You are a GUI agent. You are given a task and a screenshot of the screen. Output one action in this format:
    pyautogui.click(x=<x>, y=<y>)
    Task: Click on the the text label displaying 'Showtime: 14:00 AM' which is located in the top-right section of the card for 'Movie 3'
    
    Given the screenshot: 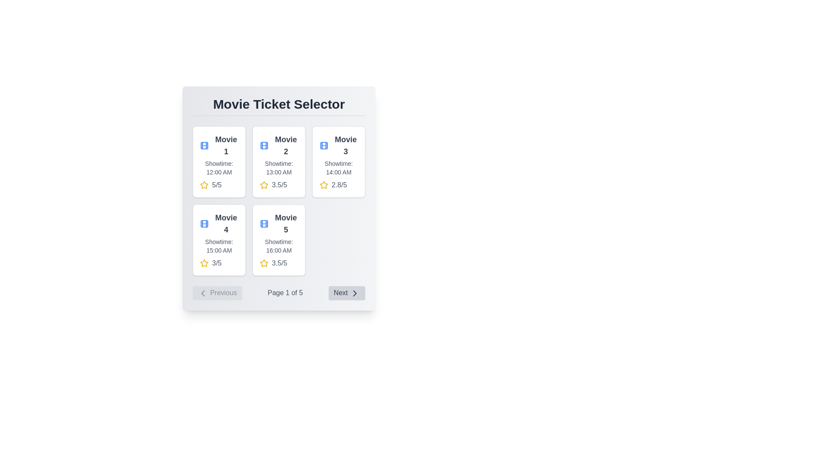 What is the action you would take?
    pyautogui.click(x=338, y=168)
    